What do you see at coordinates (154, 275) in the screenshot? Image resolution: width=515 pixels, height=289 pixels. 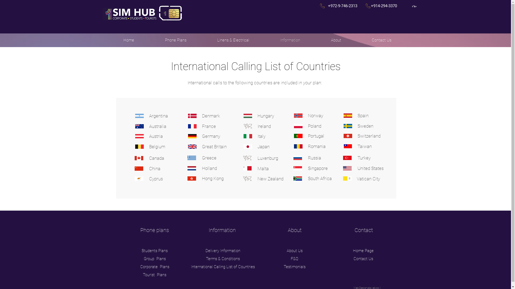 I see `'Tourist  Plans'` at bounding box center [154, 275].